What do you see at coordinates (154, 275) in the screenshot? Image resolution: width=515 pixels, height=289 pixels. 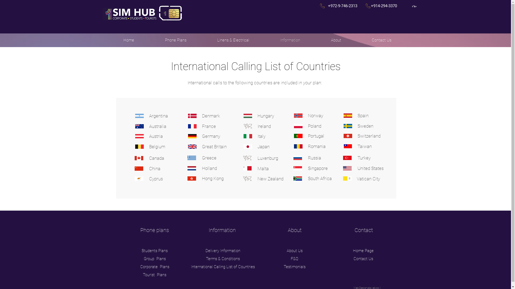 I see `'Tourist  Plans'` at bounding box center [154, 275].